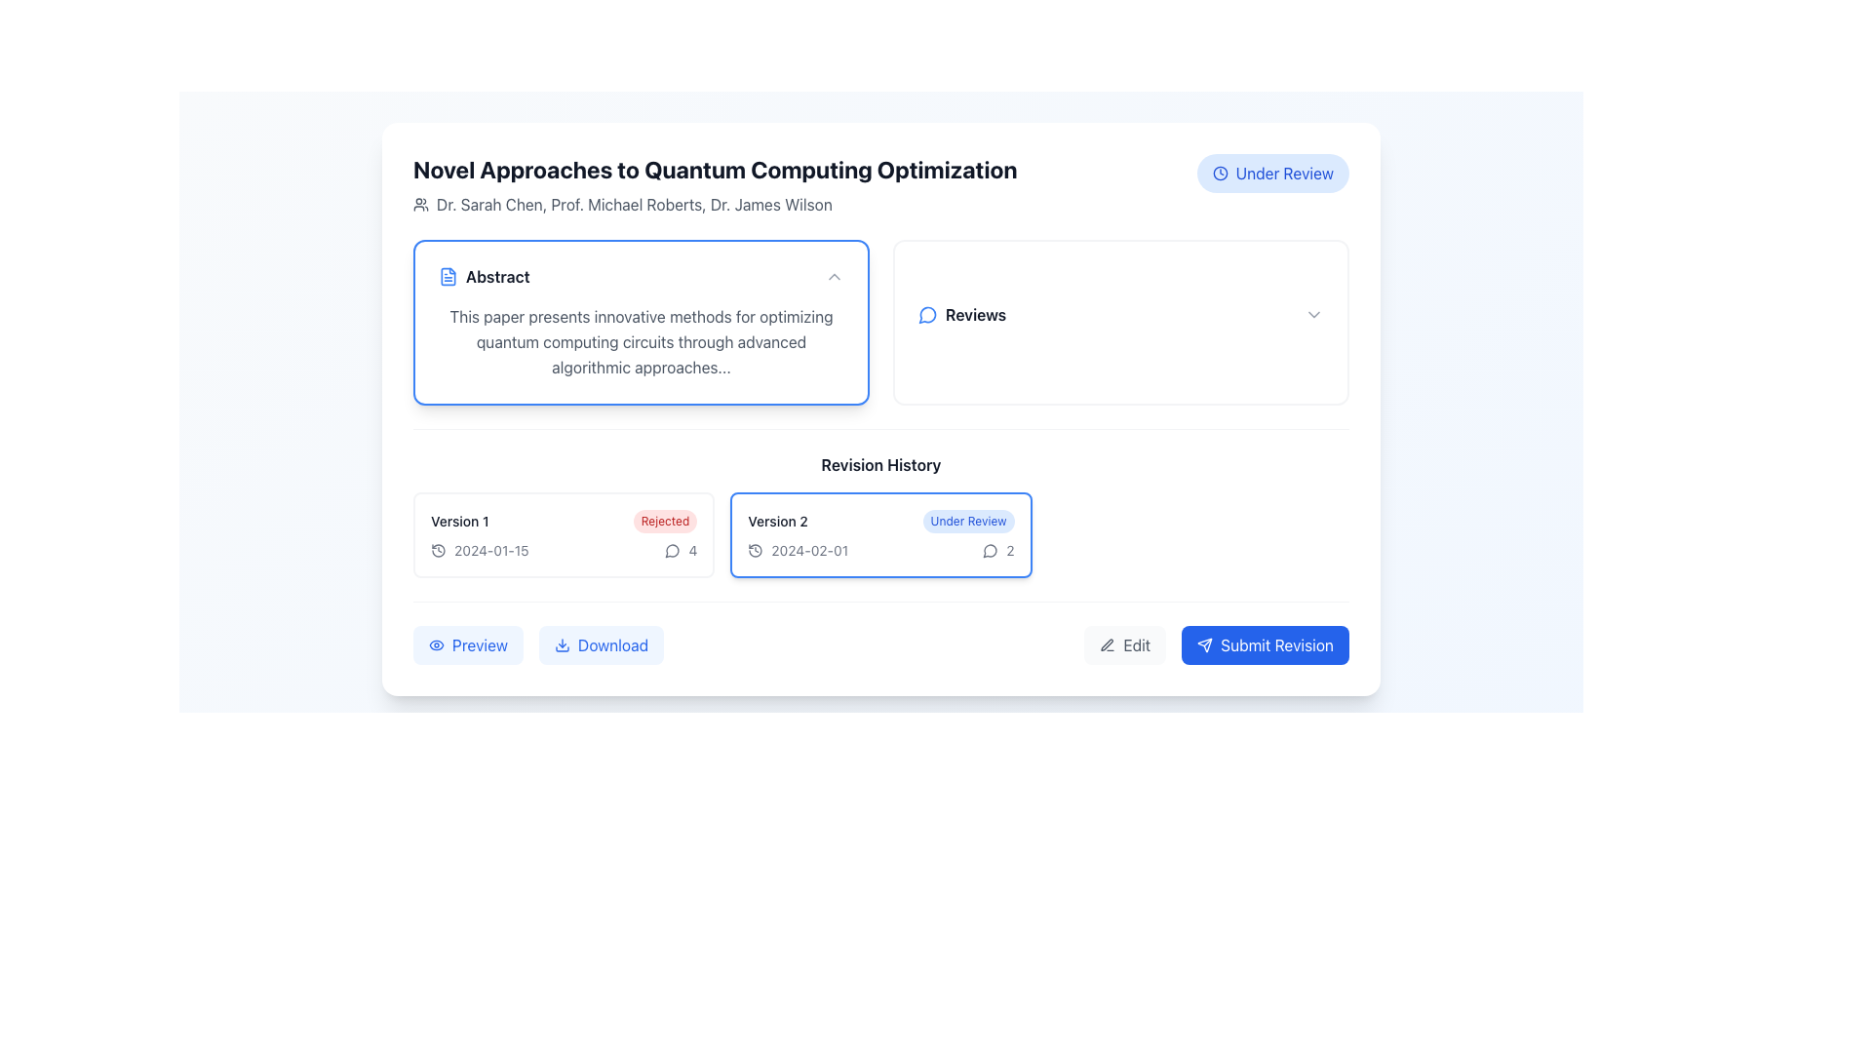 The width and height of the screenshot is (1872, 1053). What do you see at coordinates (484, 277) in the screenshot?
I see `the styling and information of the title text element paired with a decorative icon located in the top-left portion of the summary box` at bounding box center [484, 277].